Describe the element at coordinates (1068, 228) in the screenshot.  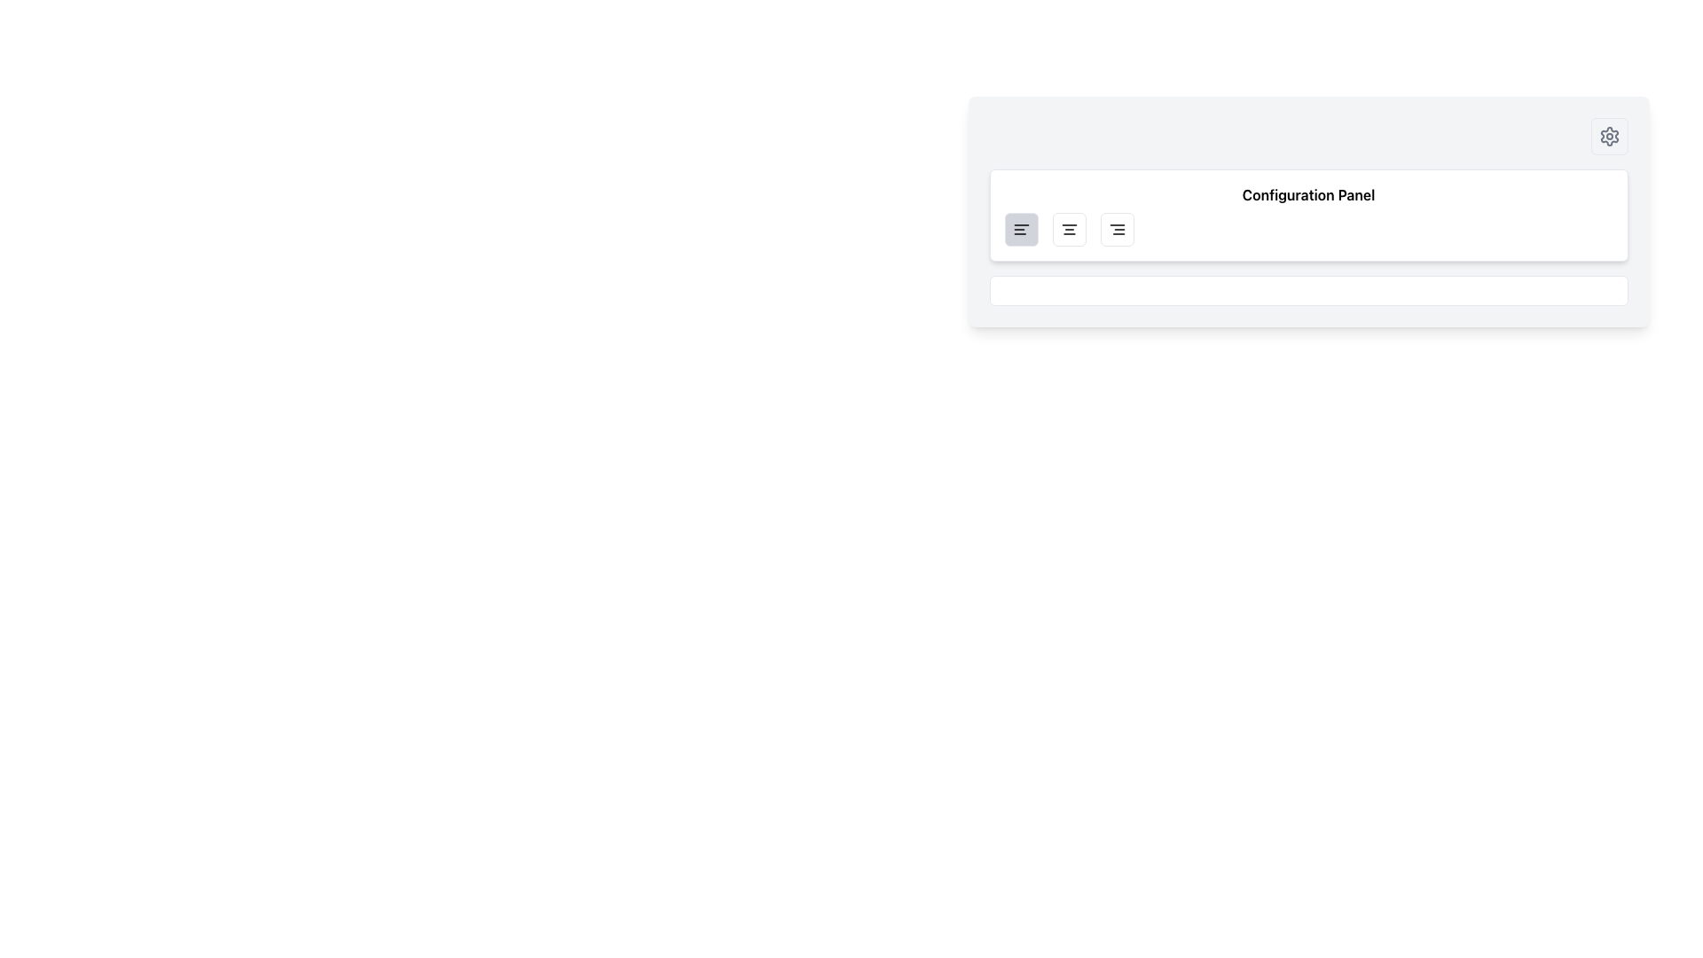
I see `the second icon button in a row of three icon buttons` at that location.